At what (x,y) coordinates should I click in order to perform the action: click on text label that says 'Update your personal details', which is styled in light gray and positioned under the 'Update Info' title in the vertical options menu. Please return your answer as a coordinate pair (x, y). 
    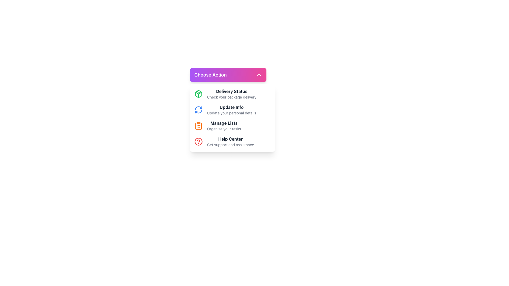
    Looking at the image, I should click on (231, 113).